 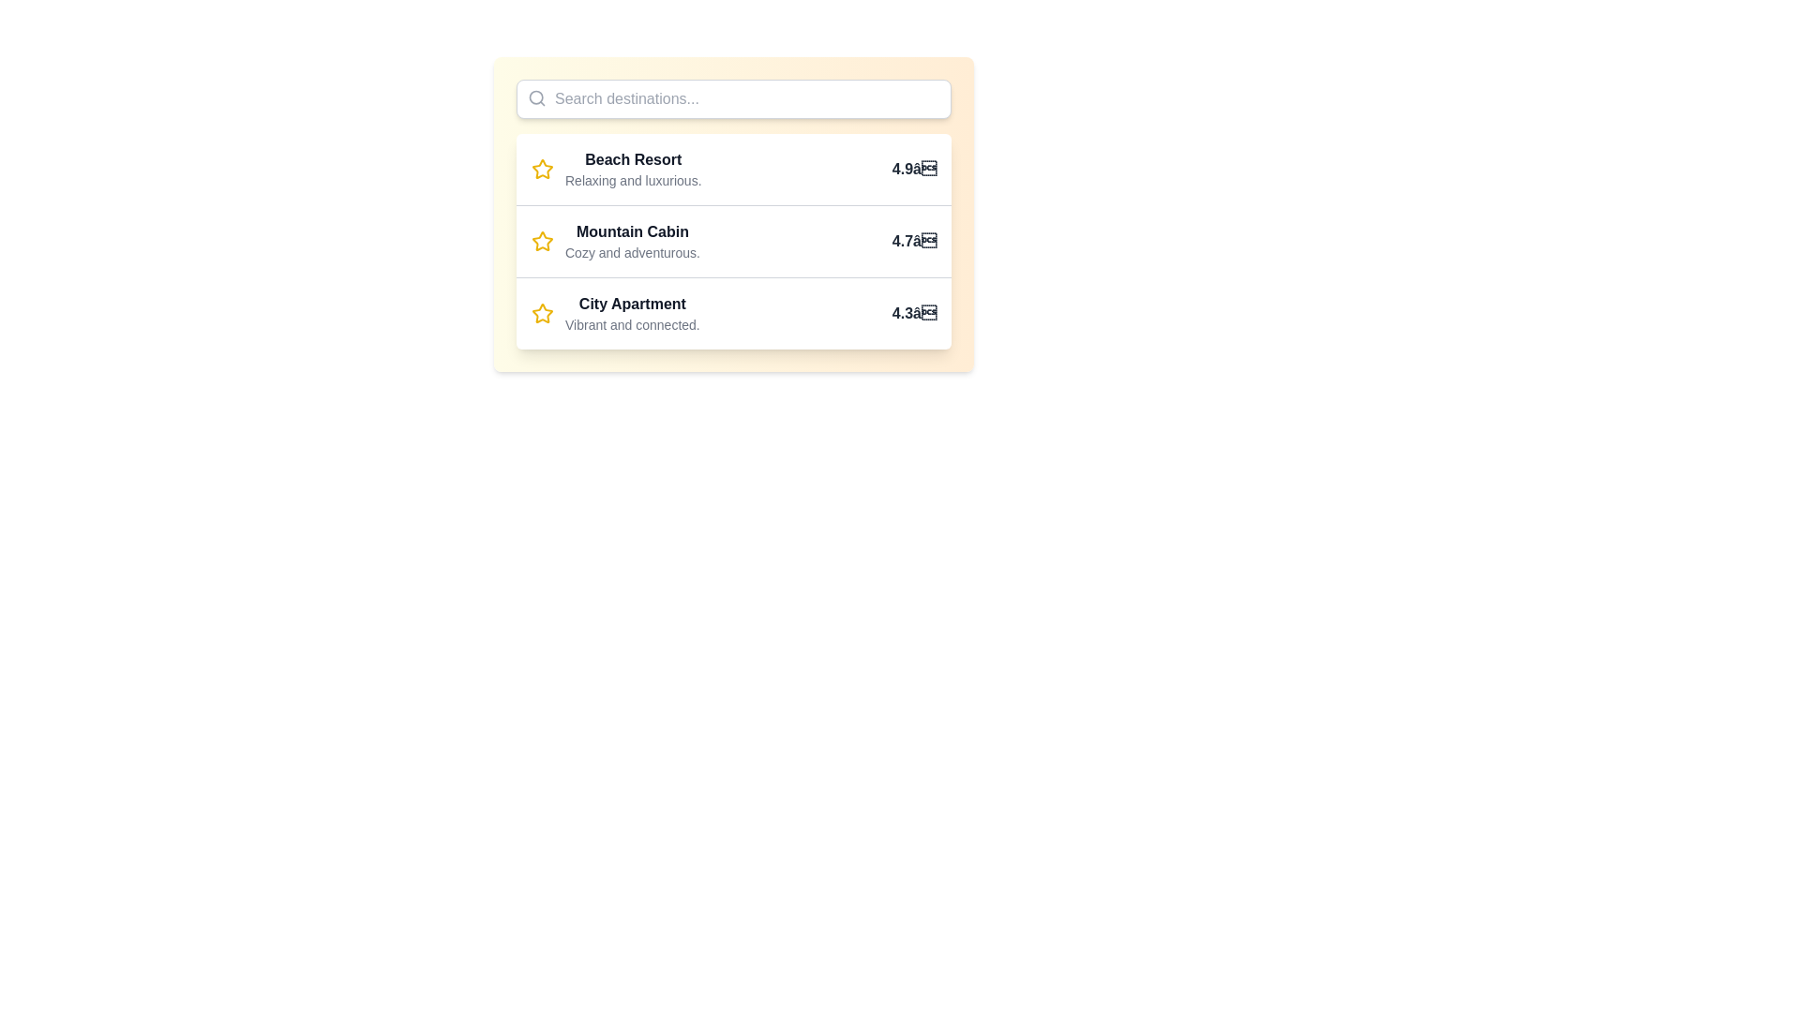 What do you see at coordinates (632, 324) in the screenshot?
I see `the Text Label element displaying 'Vibrant and connected.' which is located below the heading 'City Apartment.'` at bounding box center [632, 324].